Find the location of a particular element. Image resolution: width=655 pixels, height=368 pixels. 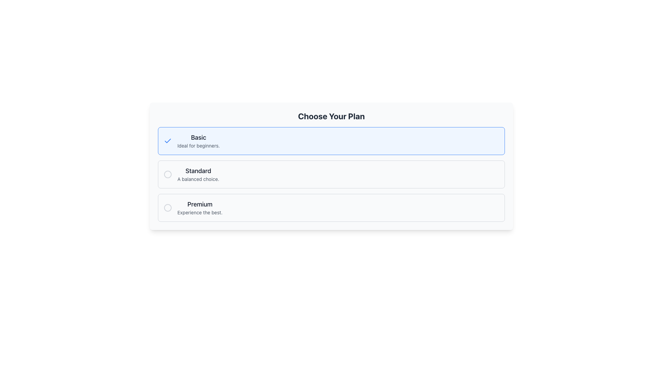

the text label reading 'Experience the best.', which is styled in gray and positioned below the bold text 'Premium' within a subscription option box is located at coordinates (200, 212).